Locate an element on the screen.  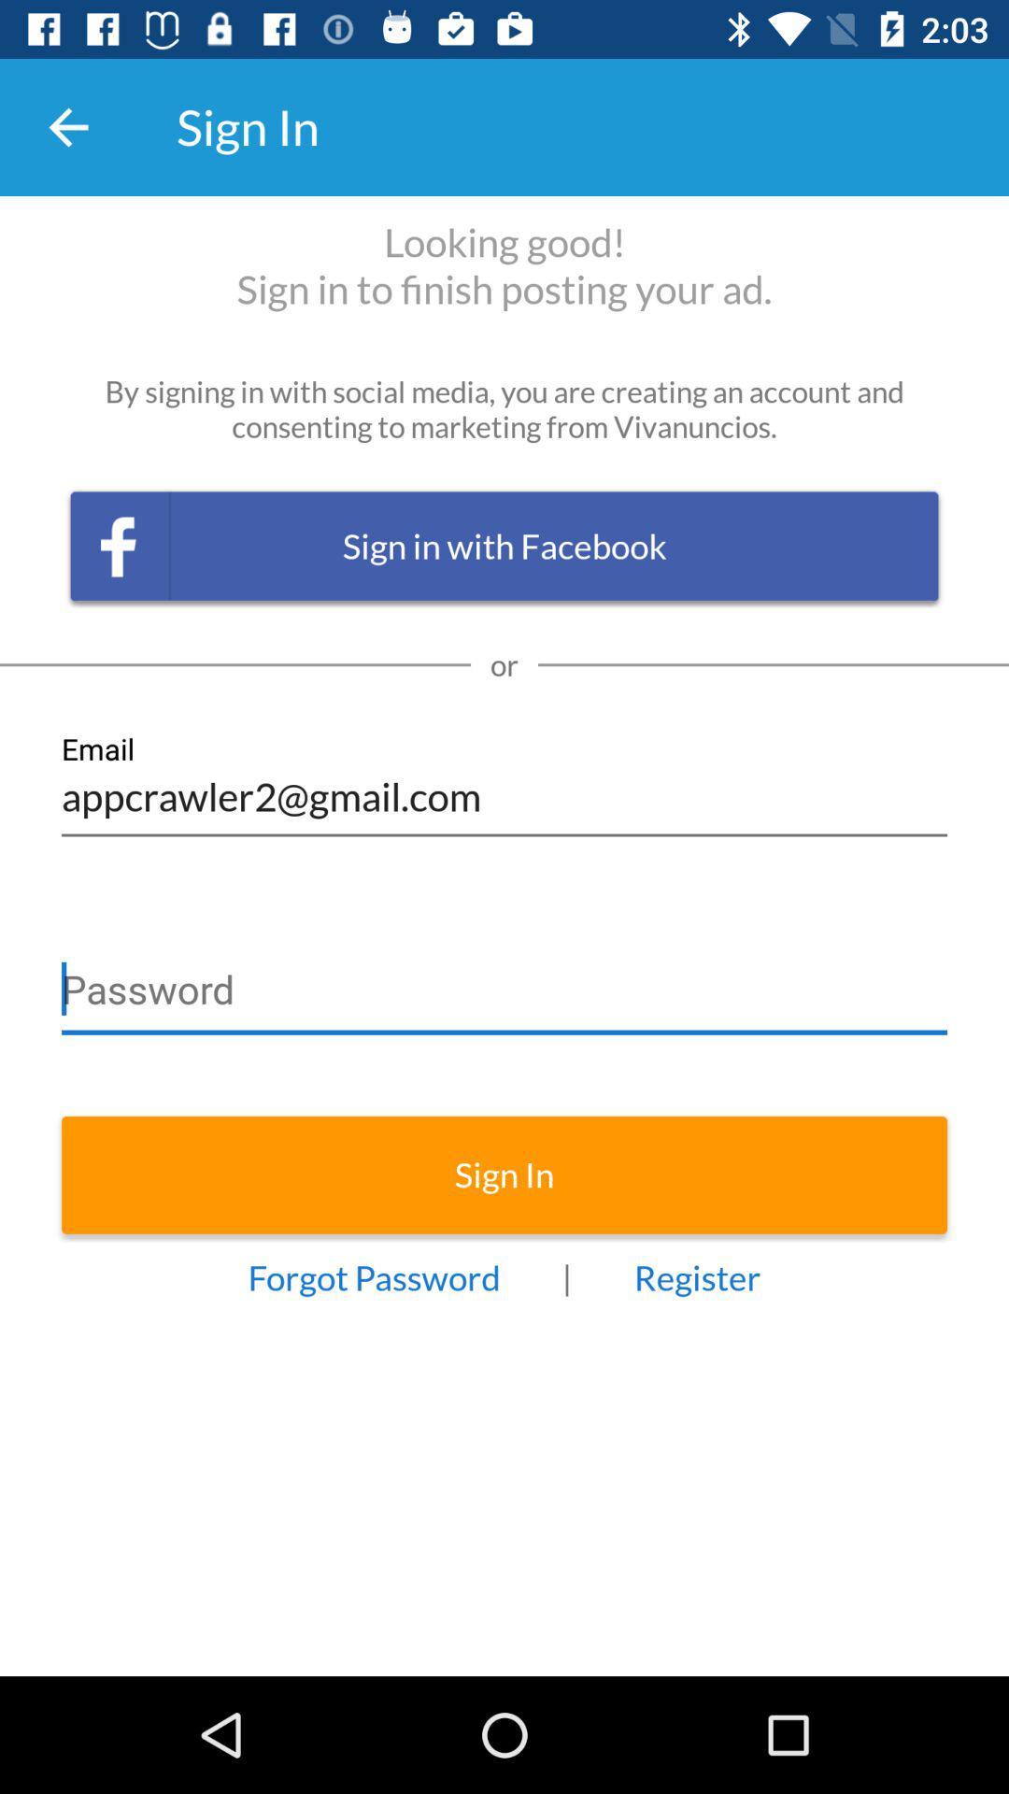
email text box is located at coordinates (504, 785).